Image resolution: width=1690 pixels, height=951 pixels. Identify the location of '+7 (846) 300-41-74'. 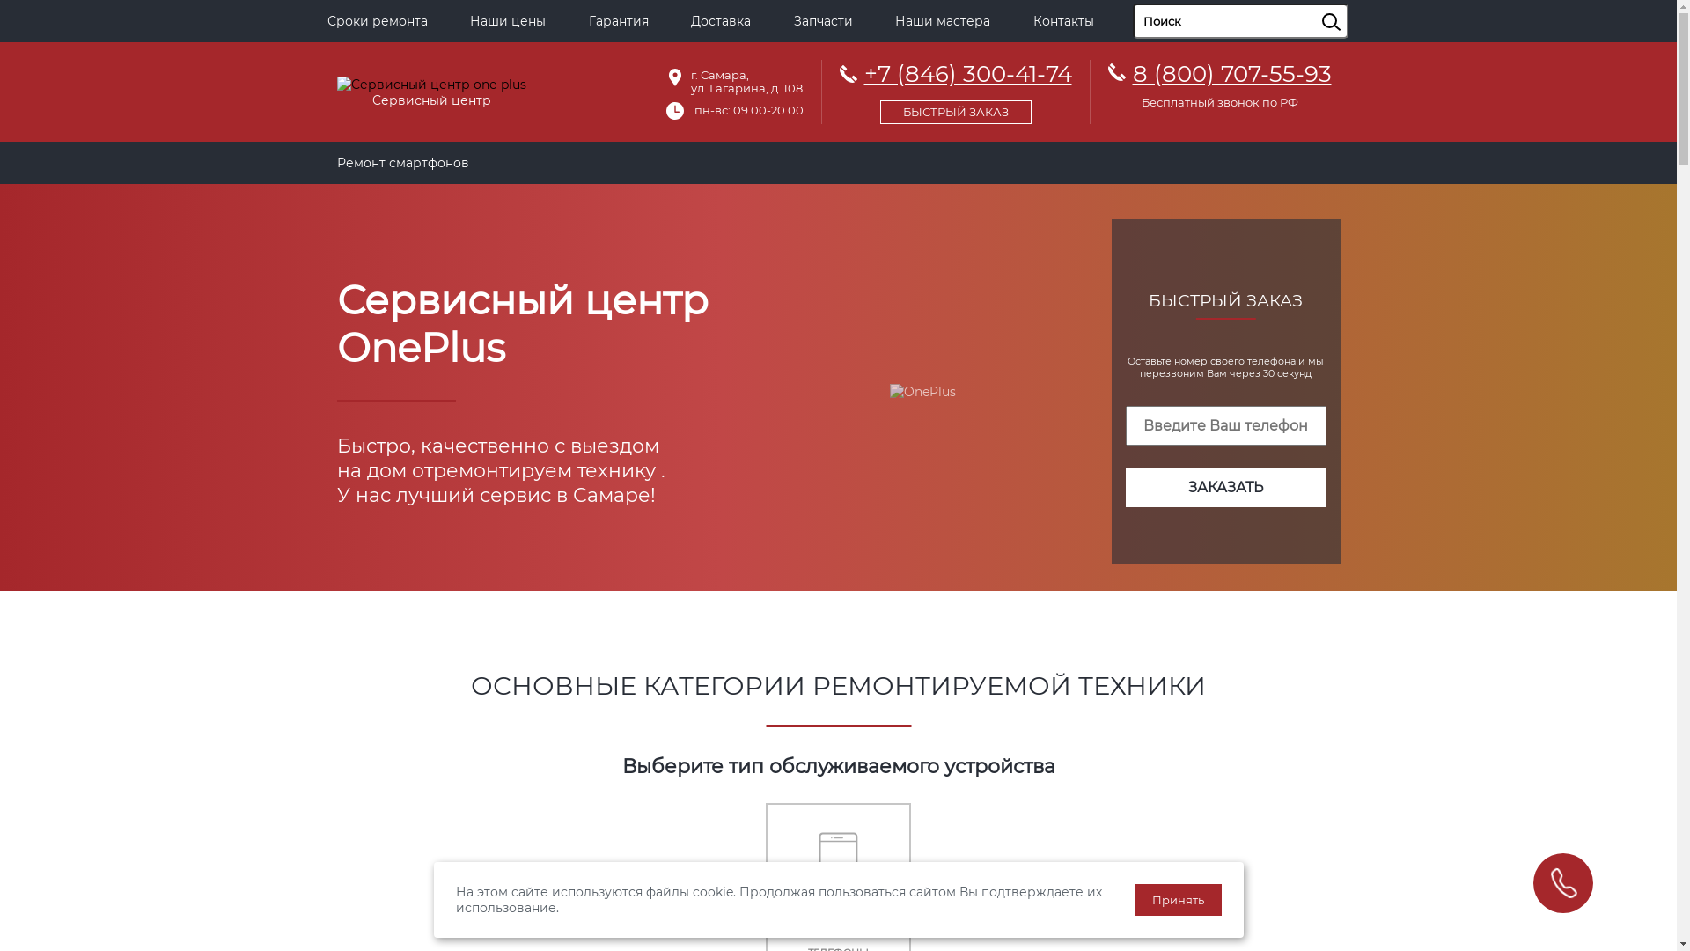
(954, 89).